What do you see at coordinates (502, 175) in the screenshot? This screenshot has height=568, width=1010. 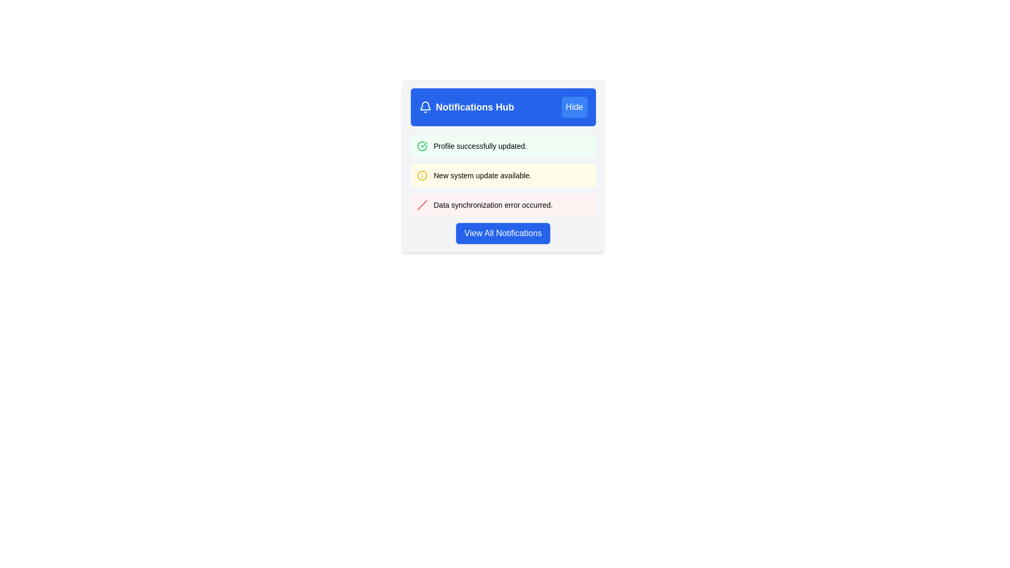 I see `the notification box with a pale yellow background that contains the message 'New system update available.'` at bounding box center [502, 175].